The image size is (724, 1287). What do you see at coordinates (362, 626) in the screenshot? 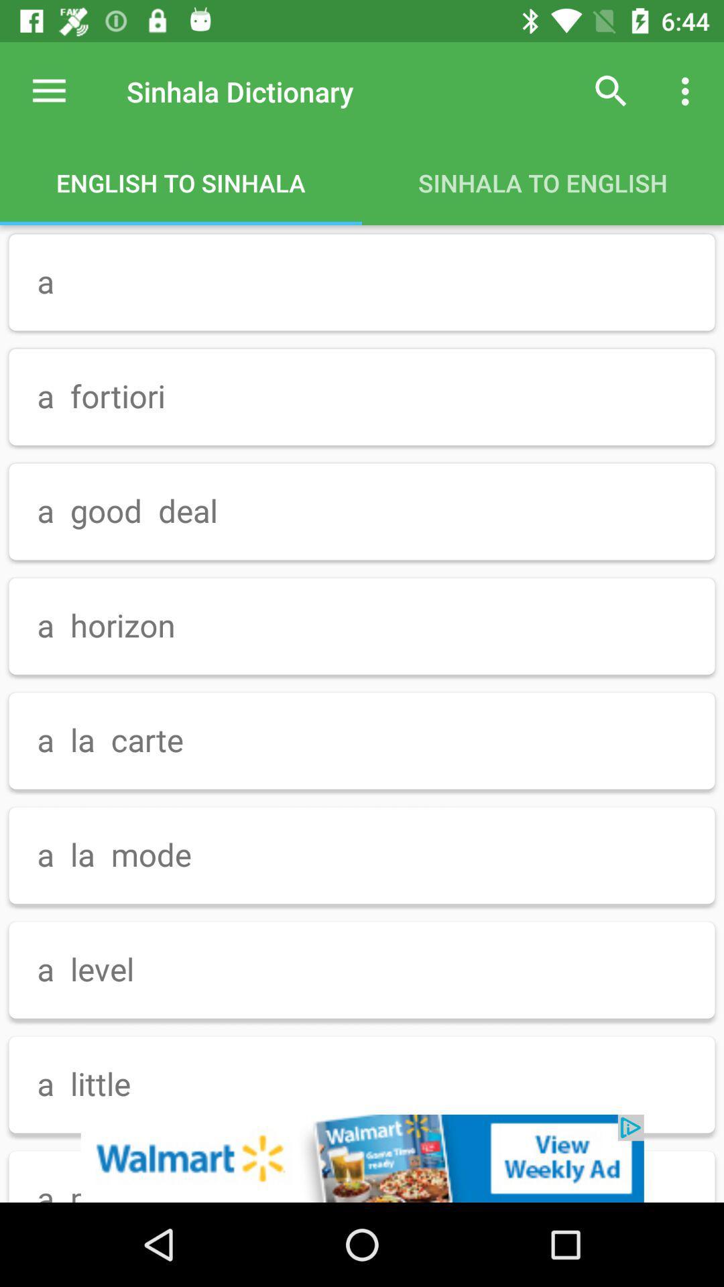
I see `horizon` at bounding box center [362, 626].